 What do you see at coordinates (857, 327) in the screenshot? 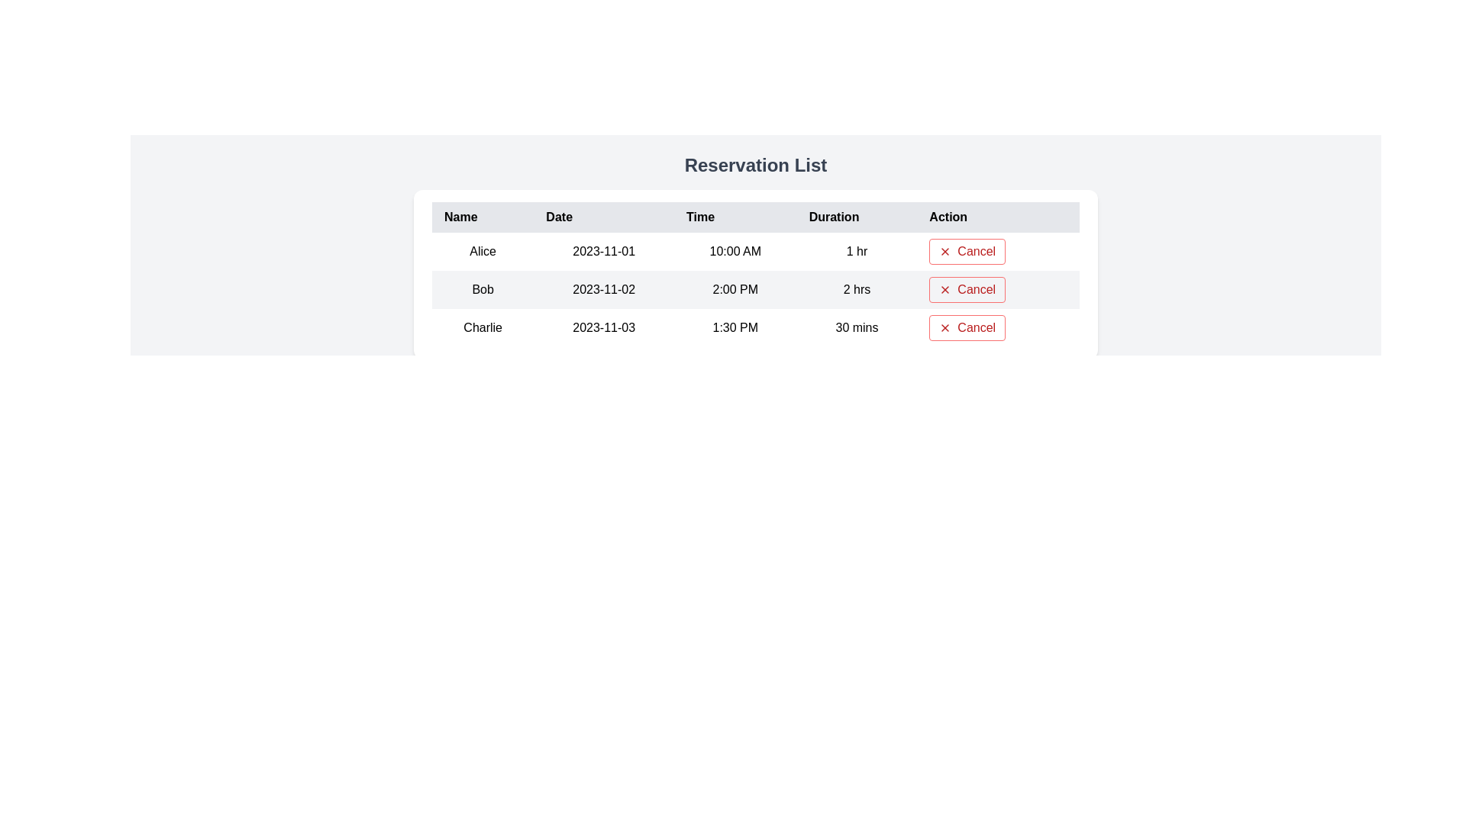
I see `the text display showing '30 mins' in the fourth column of the third row, under the 'Duration' column associated with 'Charlie'` at bounding box center [857, 327].